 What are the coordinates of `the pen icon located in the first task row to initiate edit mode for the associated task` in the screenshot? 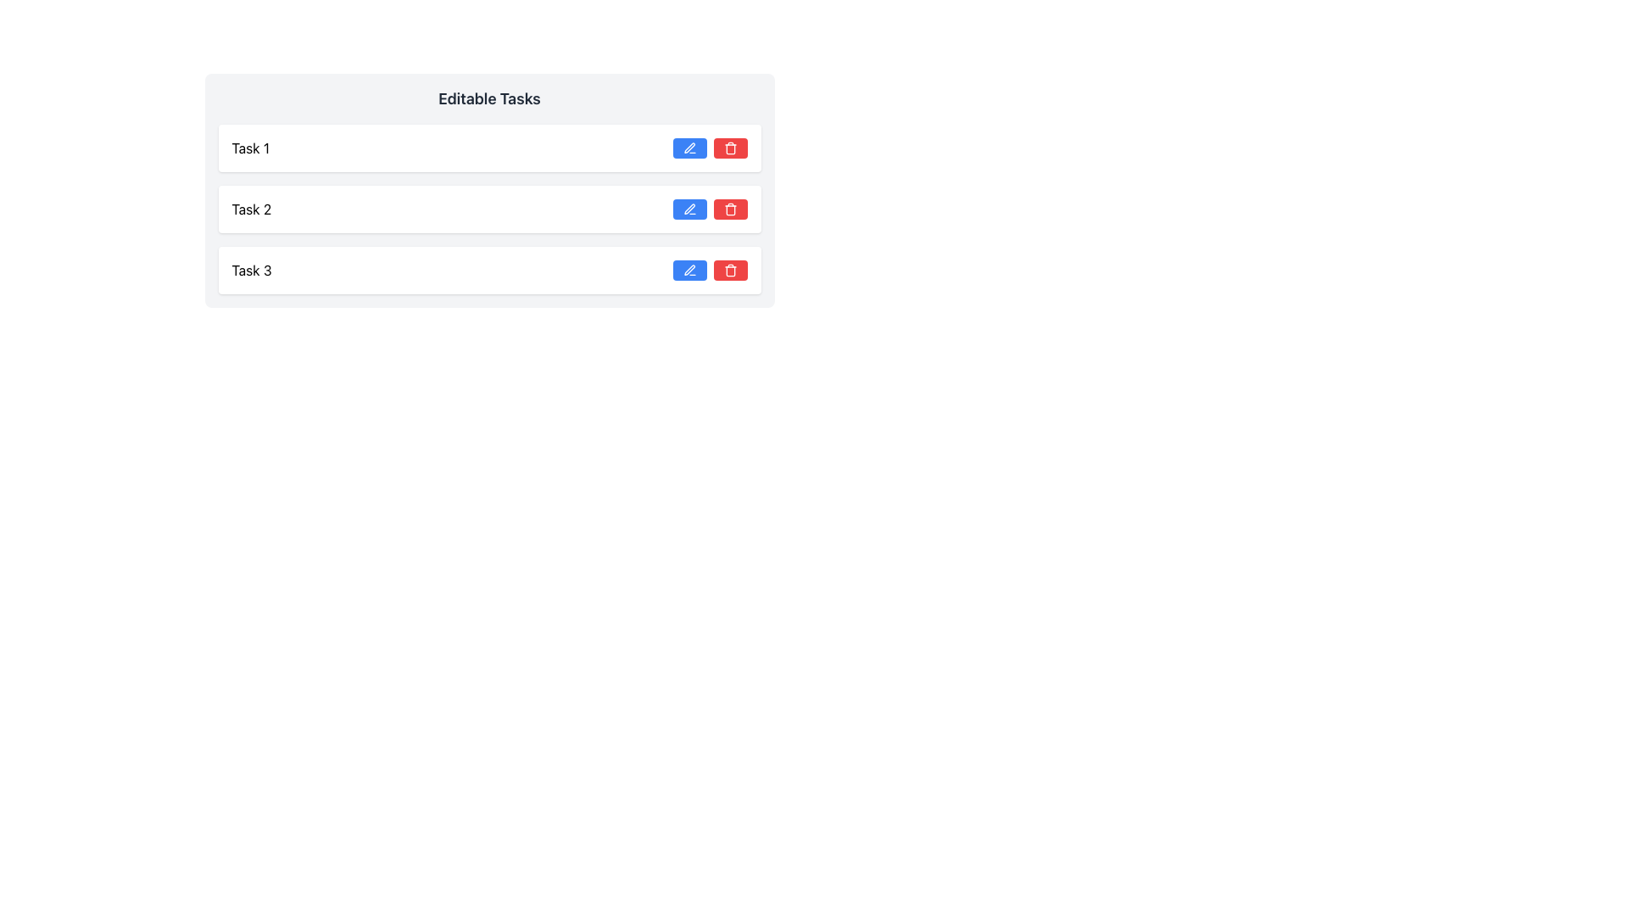 It's located at (689, 147).